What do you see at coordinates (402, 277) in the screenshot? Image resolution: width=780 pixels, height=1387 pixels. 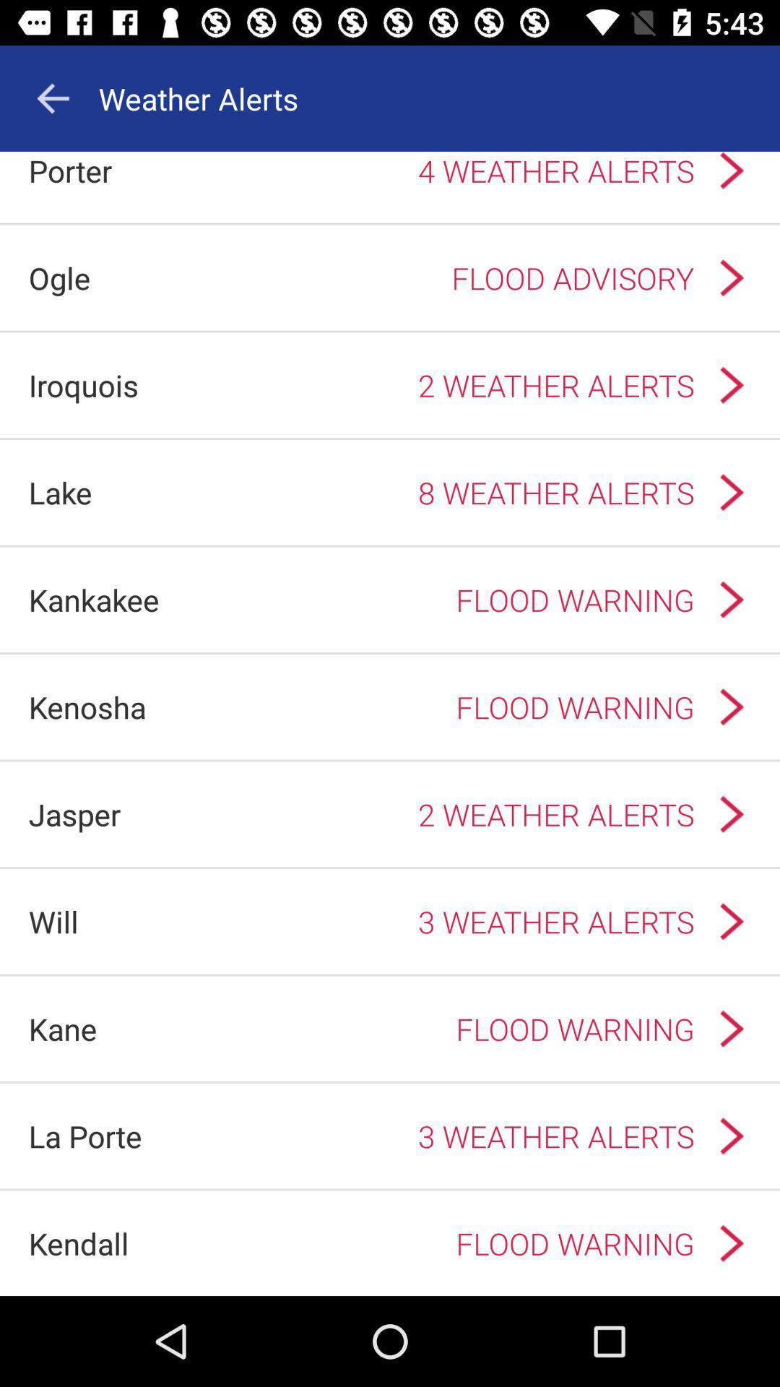 I see `item next to the ogle` at bounding box center [402, 277].